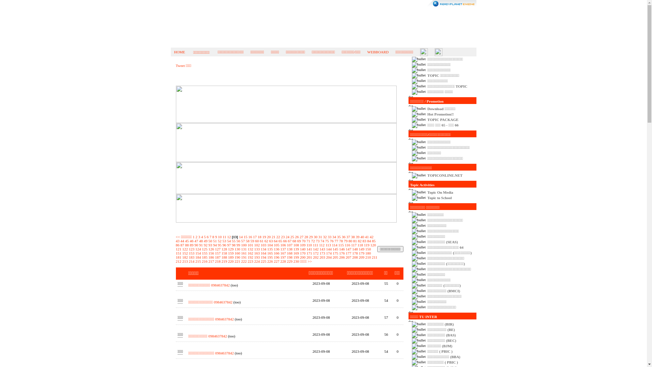 The height and width of the screenshot is (367, 652). I want to click on '229', so click(290, 261).